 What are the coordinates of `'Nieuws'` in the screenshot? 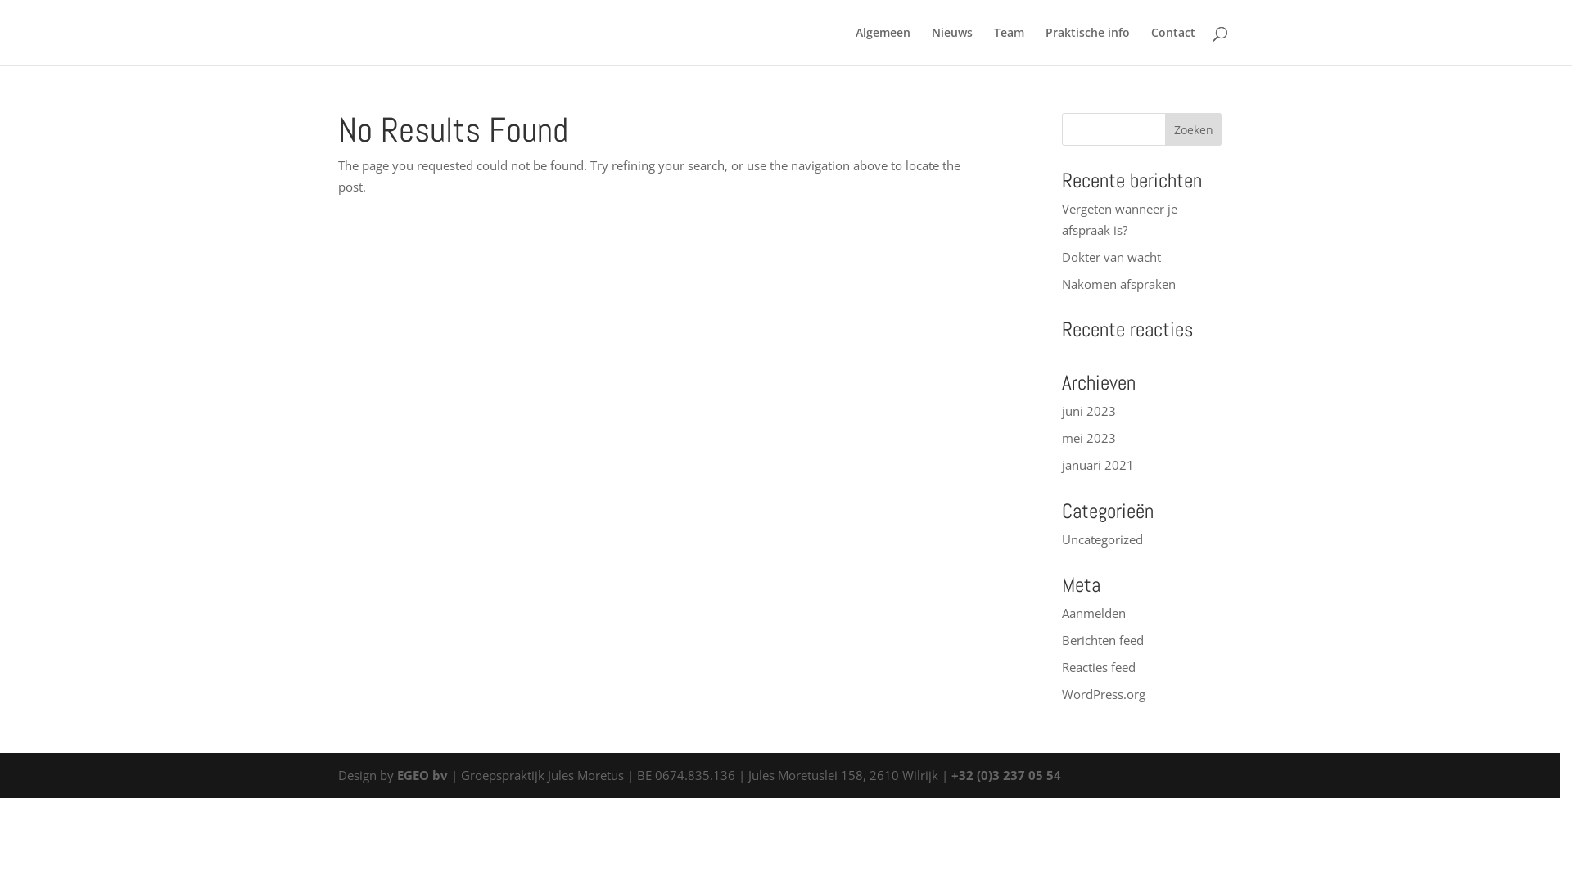 It's located at (951, 45).